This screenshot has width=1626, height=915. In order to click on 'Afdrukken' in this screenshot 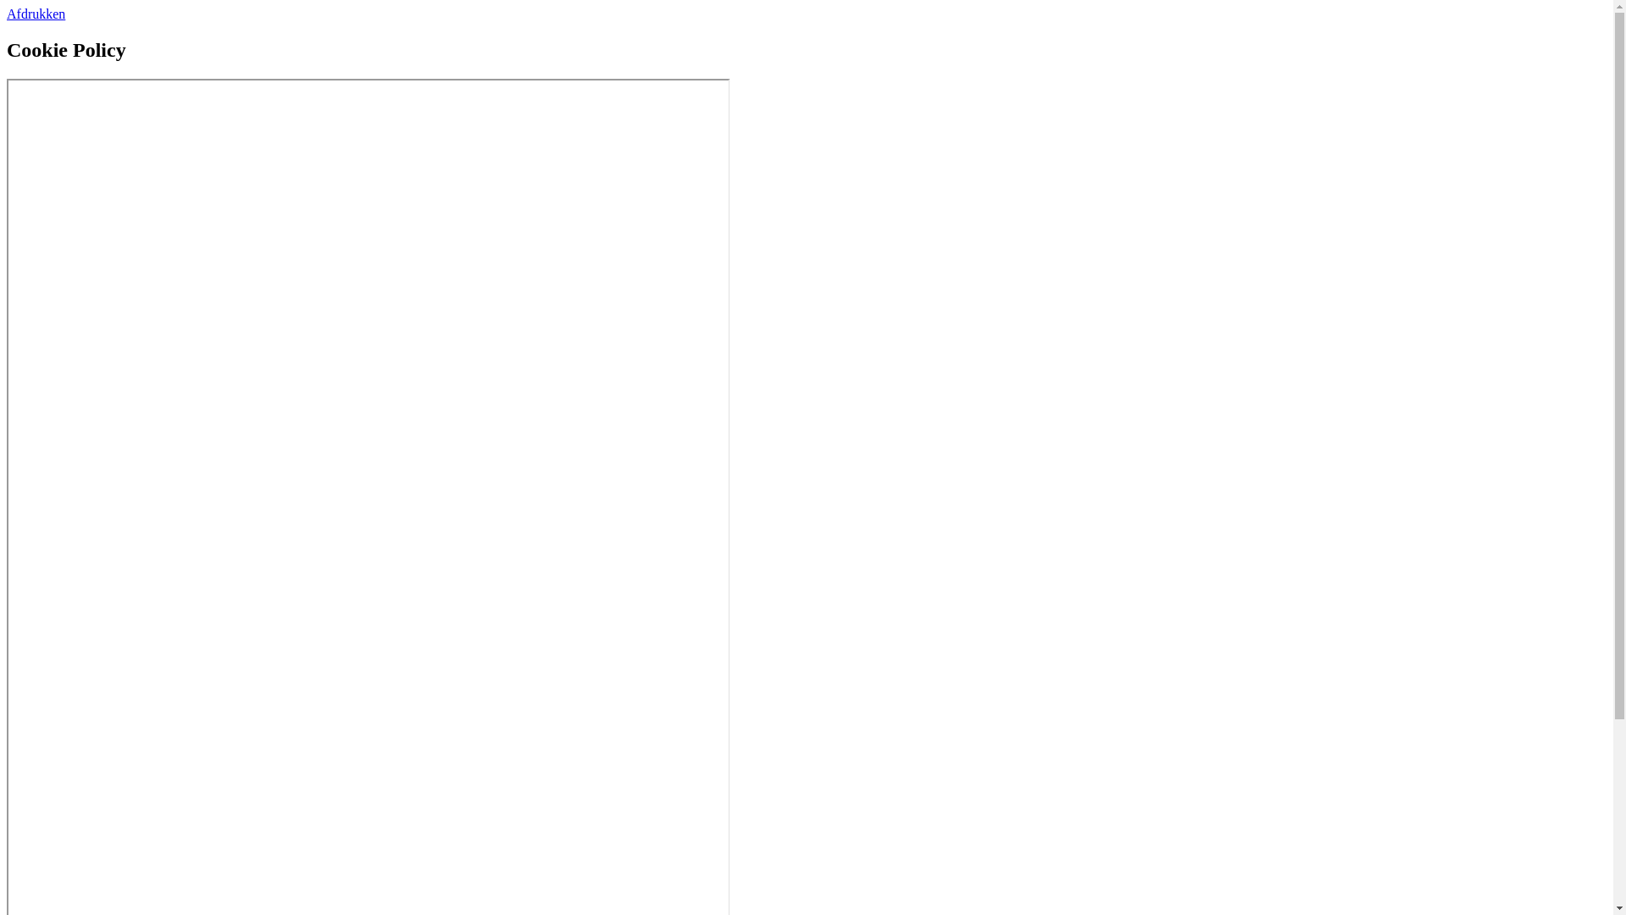, I will do `click(36, 14)`.